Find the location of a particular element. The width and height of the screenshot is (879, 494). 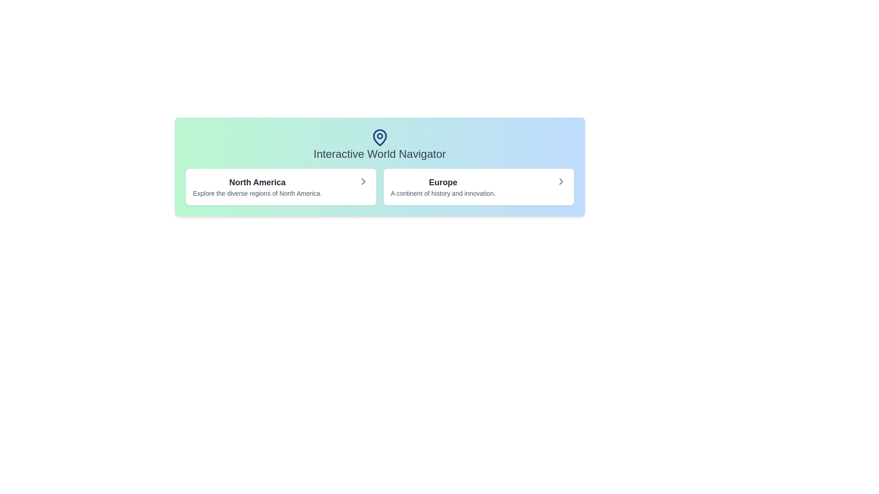

the descriptive text block labeled 'North America' is located at coordinates (257, 186).